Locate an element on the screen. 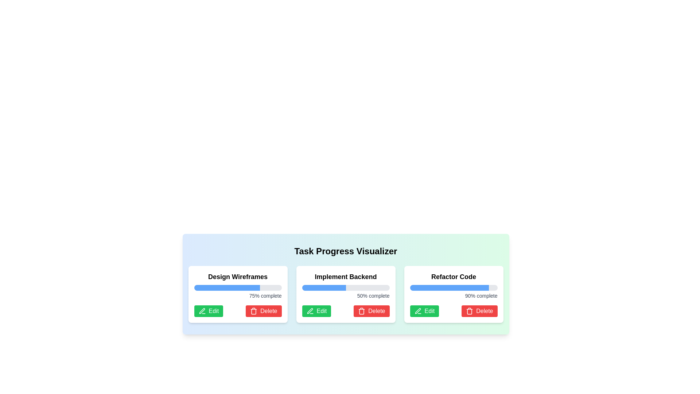 The width and height of the screenshot is (700, 394). the Progress Bar indicating 50% completion for the task 'Implement Backend', located below its title within the second card of the task visualizer is located at coordinates (345, 287).